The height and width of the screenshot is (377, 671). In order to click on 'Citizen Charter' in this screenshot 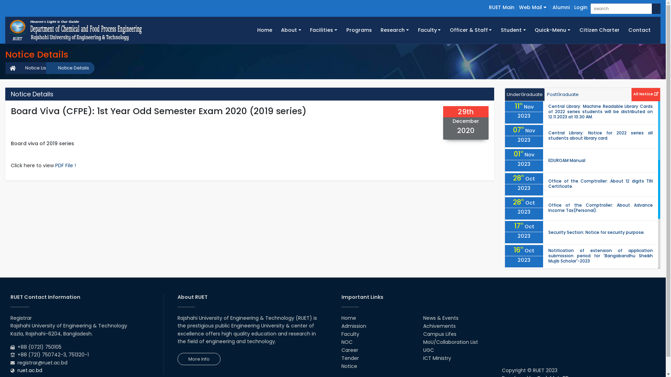, I will do `click(599, 30)`.